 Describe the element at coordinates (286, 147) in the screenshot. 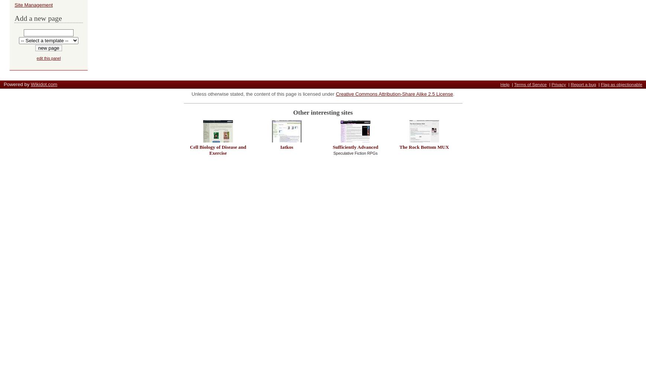

I see `'Iatkos'` at that location.